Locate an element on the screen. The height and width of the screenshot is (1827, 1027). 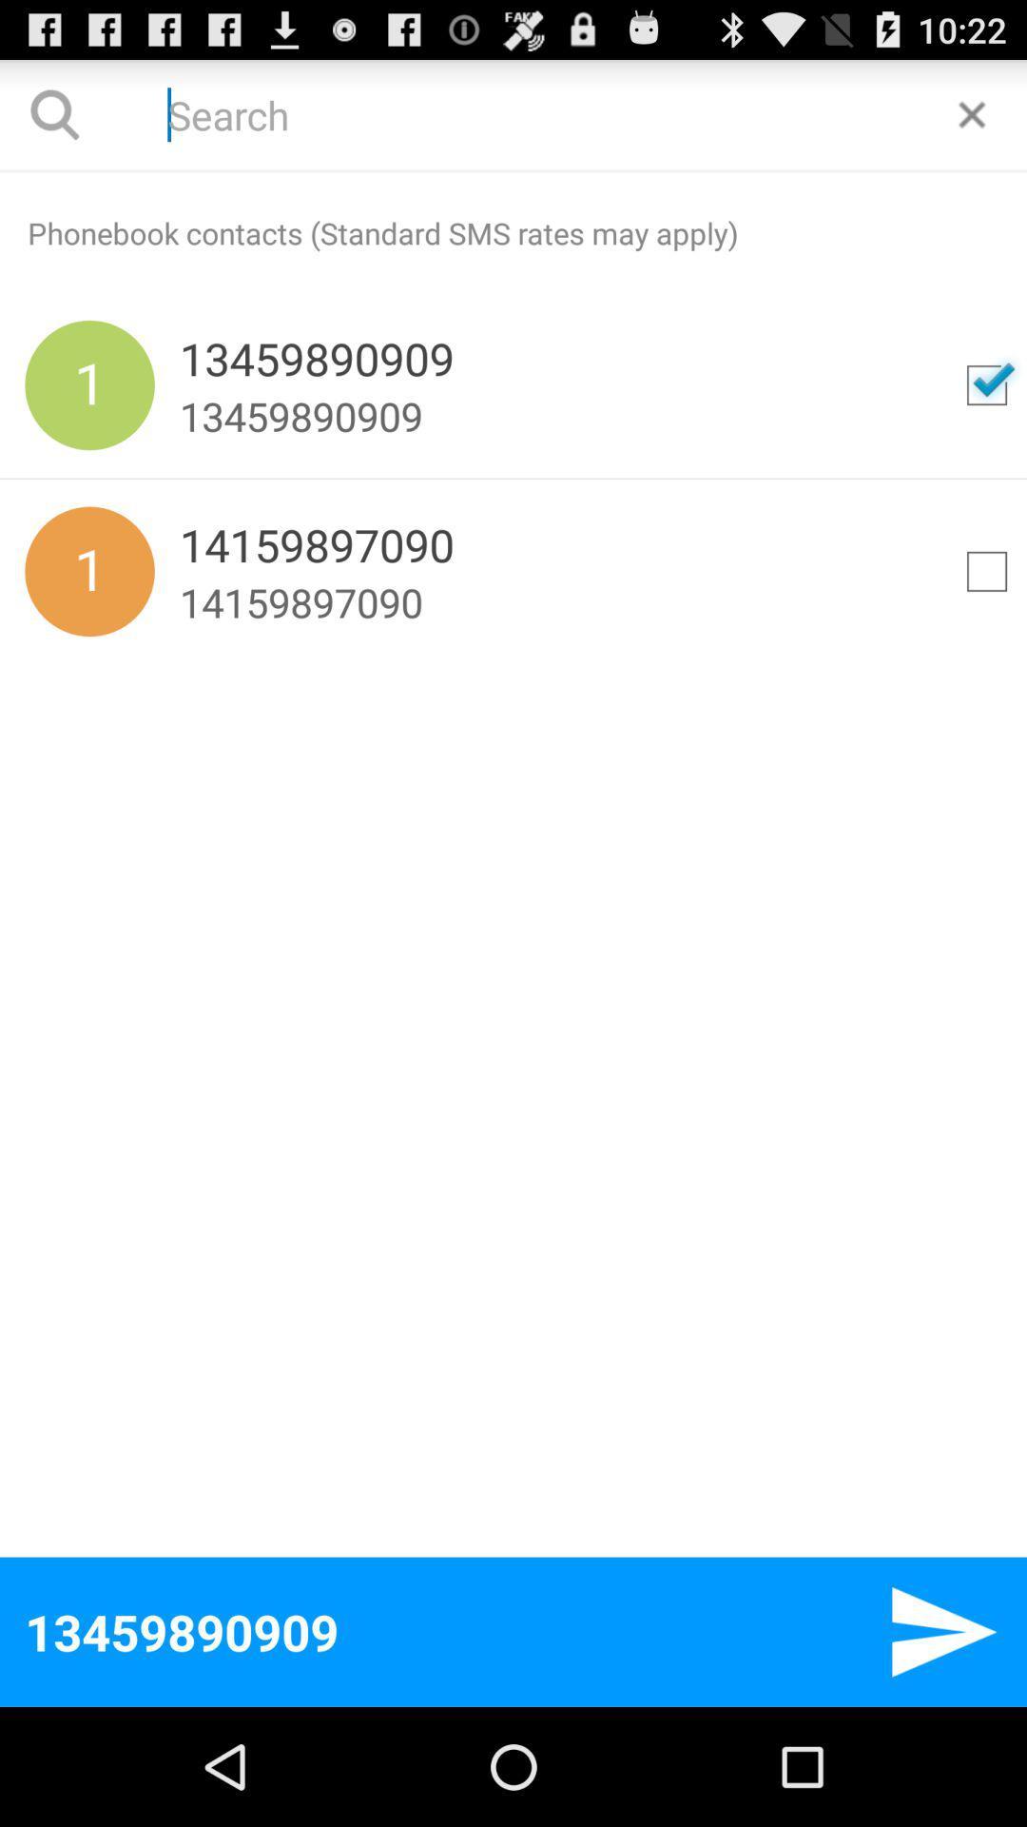
the close icon is located at coordinates (972, 122).